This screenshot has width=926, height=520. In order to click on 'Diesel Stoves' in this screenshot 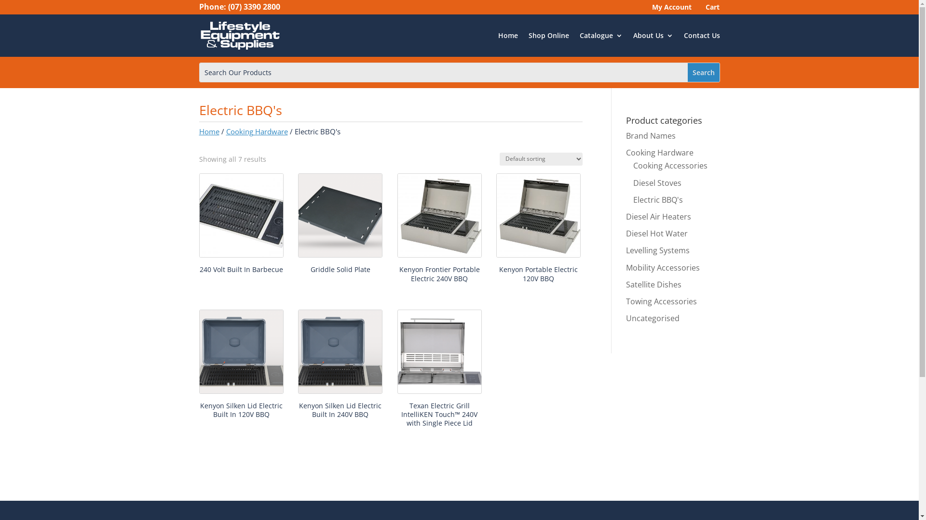, I will do `click(657, 183)`.